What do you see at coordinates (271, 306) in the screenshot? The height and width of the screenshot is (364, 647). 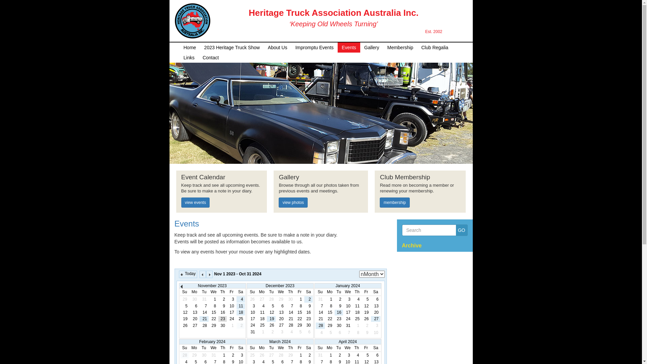 I see `'5'` at bounding box center [271, 306].